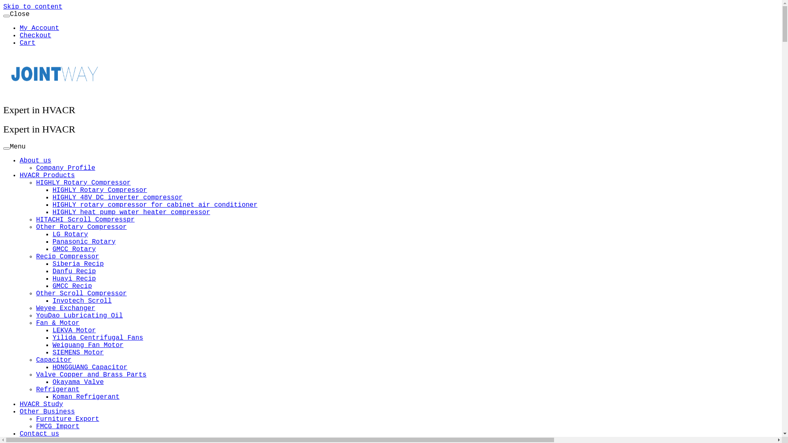 This screenshot has height=443, width=788. I want to click on 'SIEMENS Motor', so click(52, 352).